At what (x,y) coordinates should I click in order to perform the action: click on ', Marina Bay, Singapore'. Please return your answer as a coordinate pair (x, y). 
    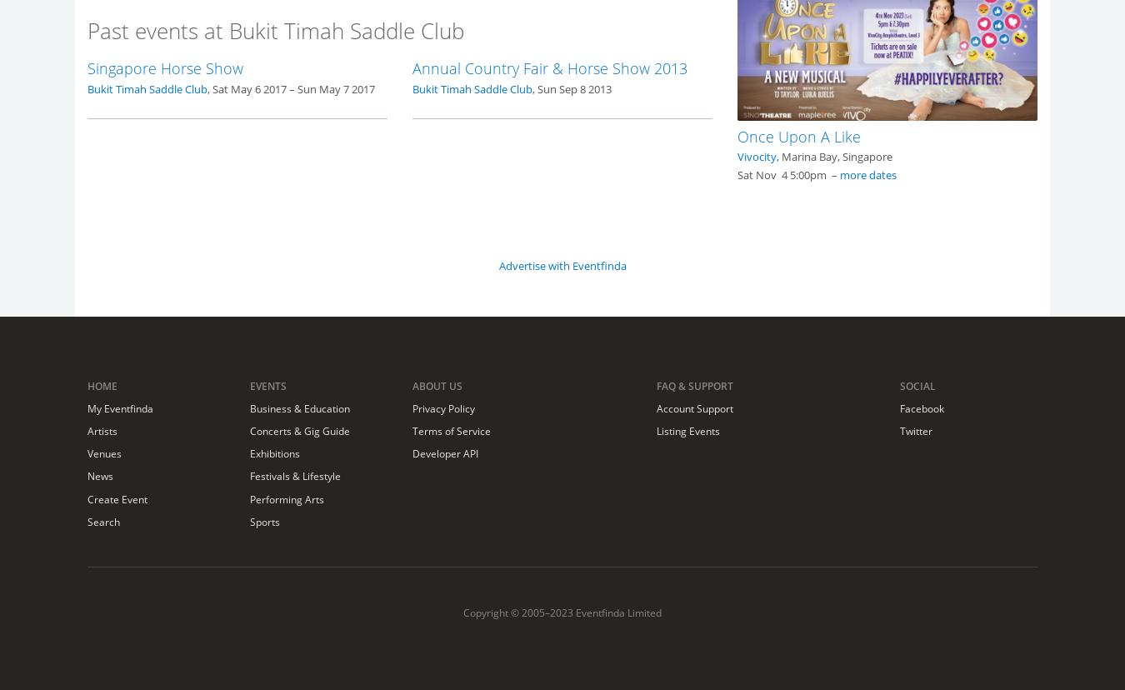
    Looking at the image, I should click on (776, 154).